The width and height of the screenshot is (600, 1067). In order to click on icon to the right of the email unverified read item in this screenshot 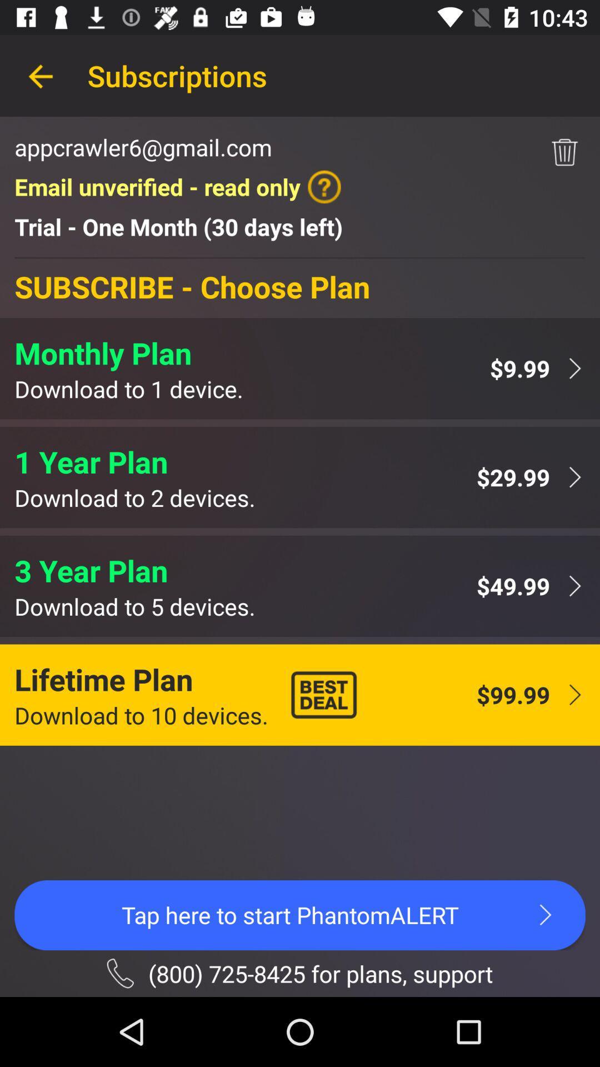, I will do `click(564, 152)`.